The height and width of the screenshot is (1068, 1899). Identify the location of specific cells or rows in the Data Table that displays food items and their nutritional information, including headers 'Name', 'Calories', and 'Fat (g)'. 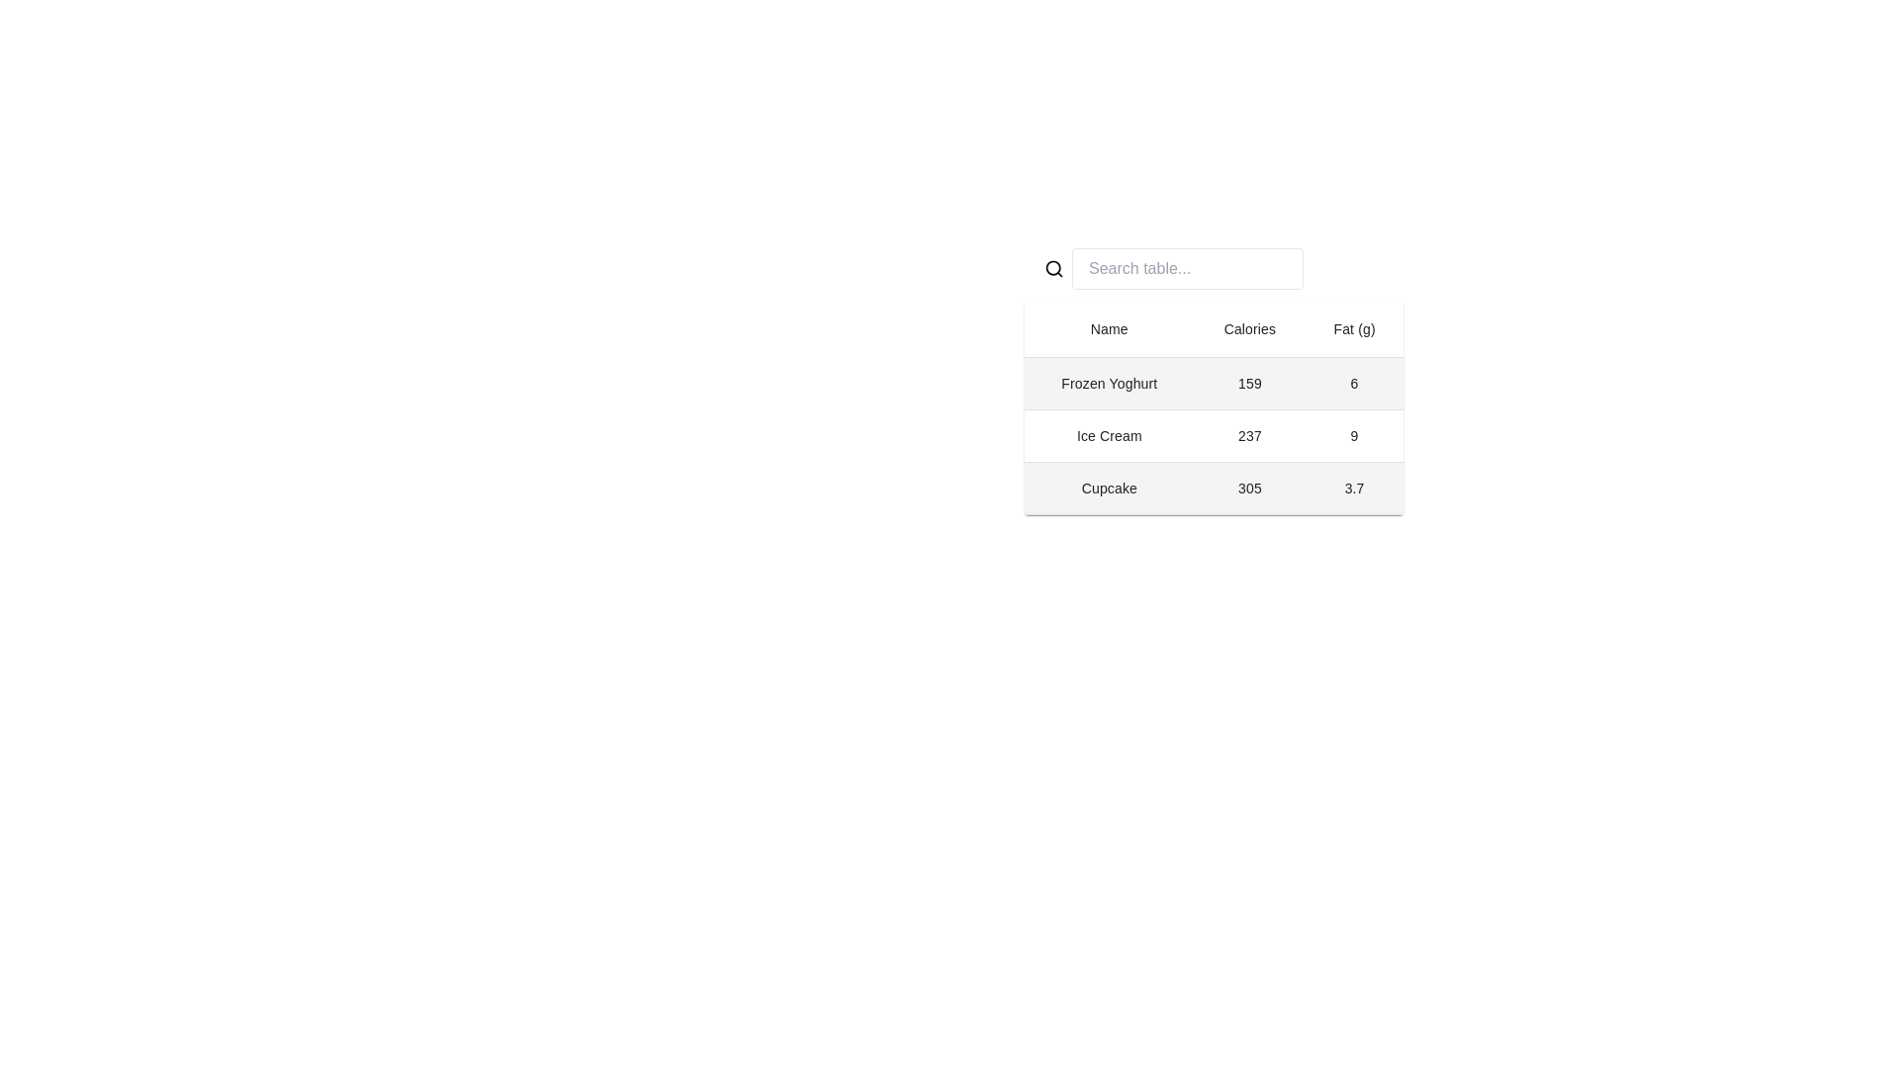
(1213, 406).